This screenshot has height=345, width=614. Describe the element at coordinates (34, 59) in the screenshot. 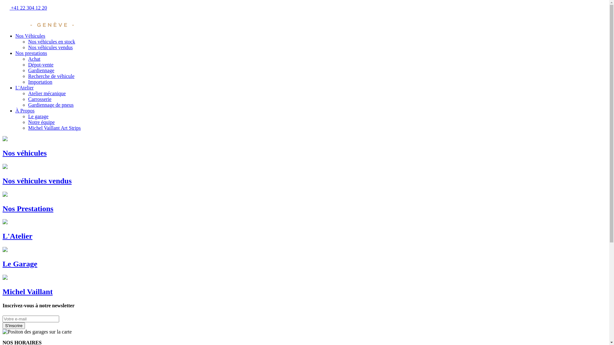

I see `'Achat'` at that location.